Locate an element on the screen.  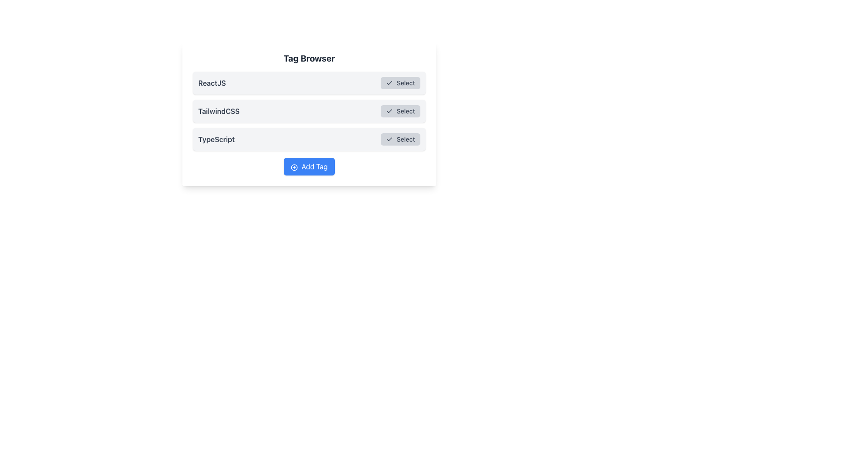
the small check icon within the 'Select' button is located at coordinates (389, 83).